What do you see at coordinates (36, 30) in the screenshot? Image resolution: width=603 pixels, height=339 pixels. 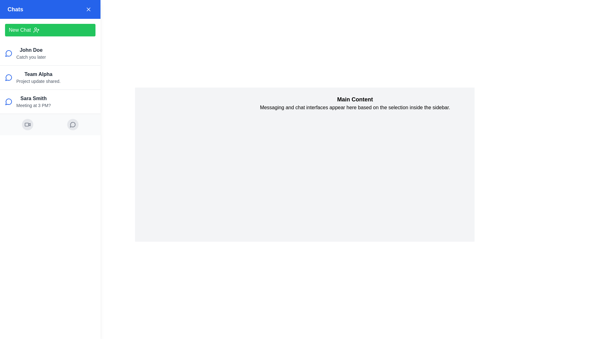 I see `the icon within the 'New Chat' green button located at the top left corner of the interface` at bounding box center [36, 30].